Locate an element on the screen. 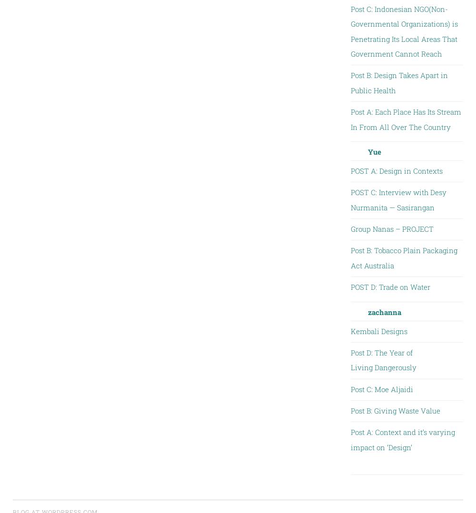 Image resolution: width=476 pixels, height=513 pixels. 'Group Nanas – PROJECT' is located at coordinates (391, 228).